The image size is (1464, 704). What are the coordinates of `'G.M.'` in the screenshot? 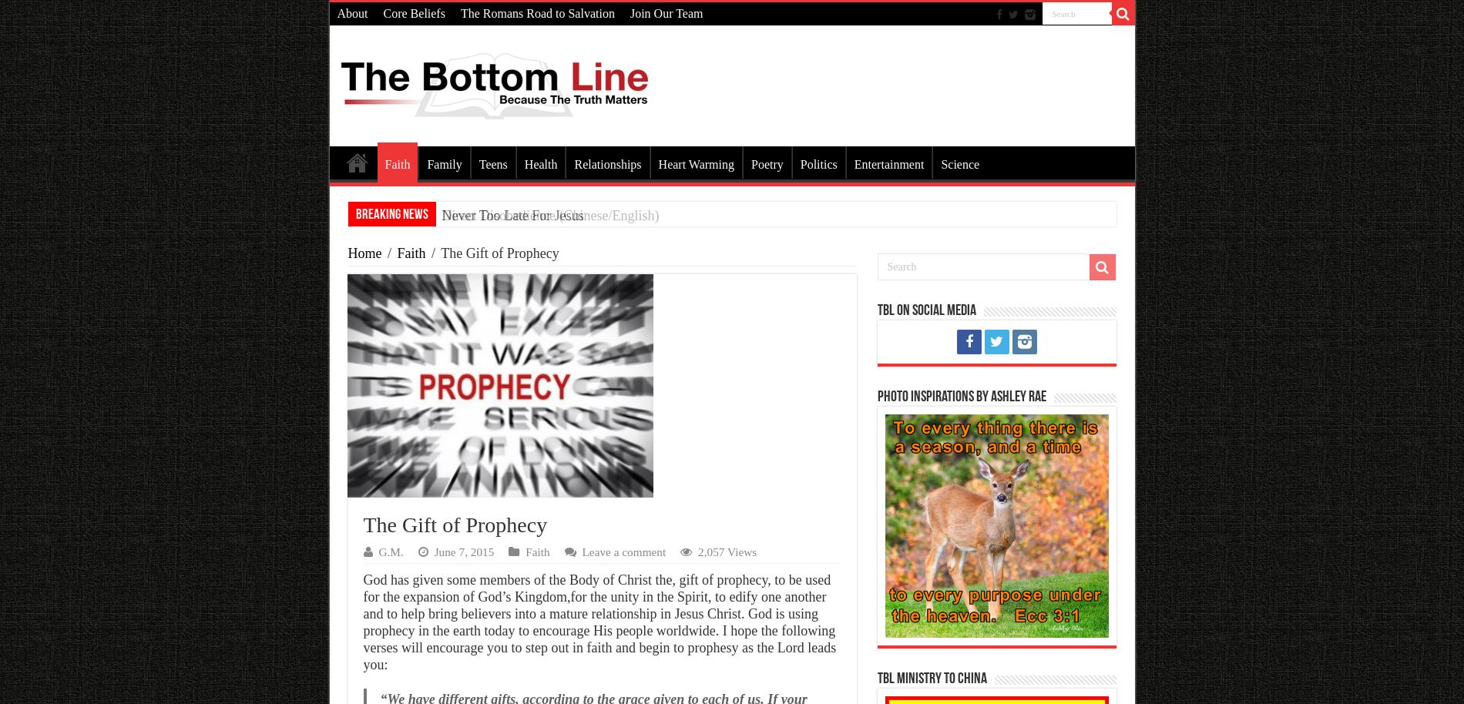 It's located at (378, 550).